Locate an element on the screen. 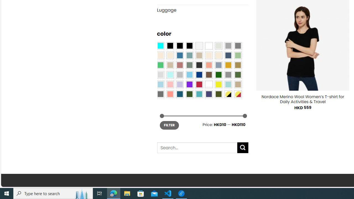 This screenshot has height=199, width=354. 'Teal' is located at coordinates (199, 93).